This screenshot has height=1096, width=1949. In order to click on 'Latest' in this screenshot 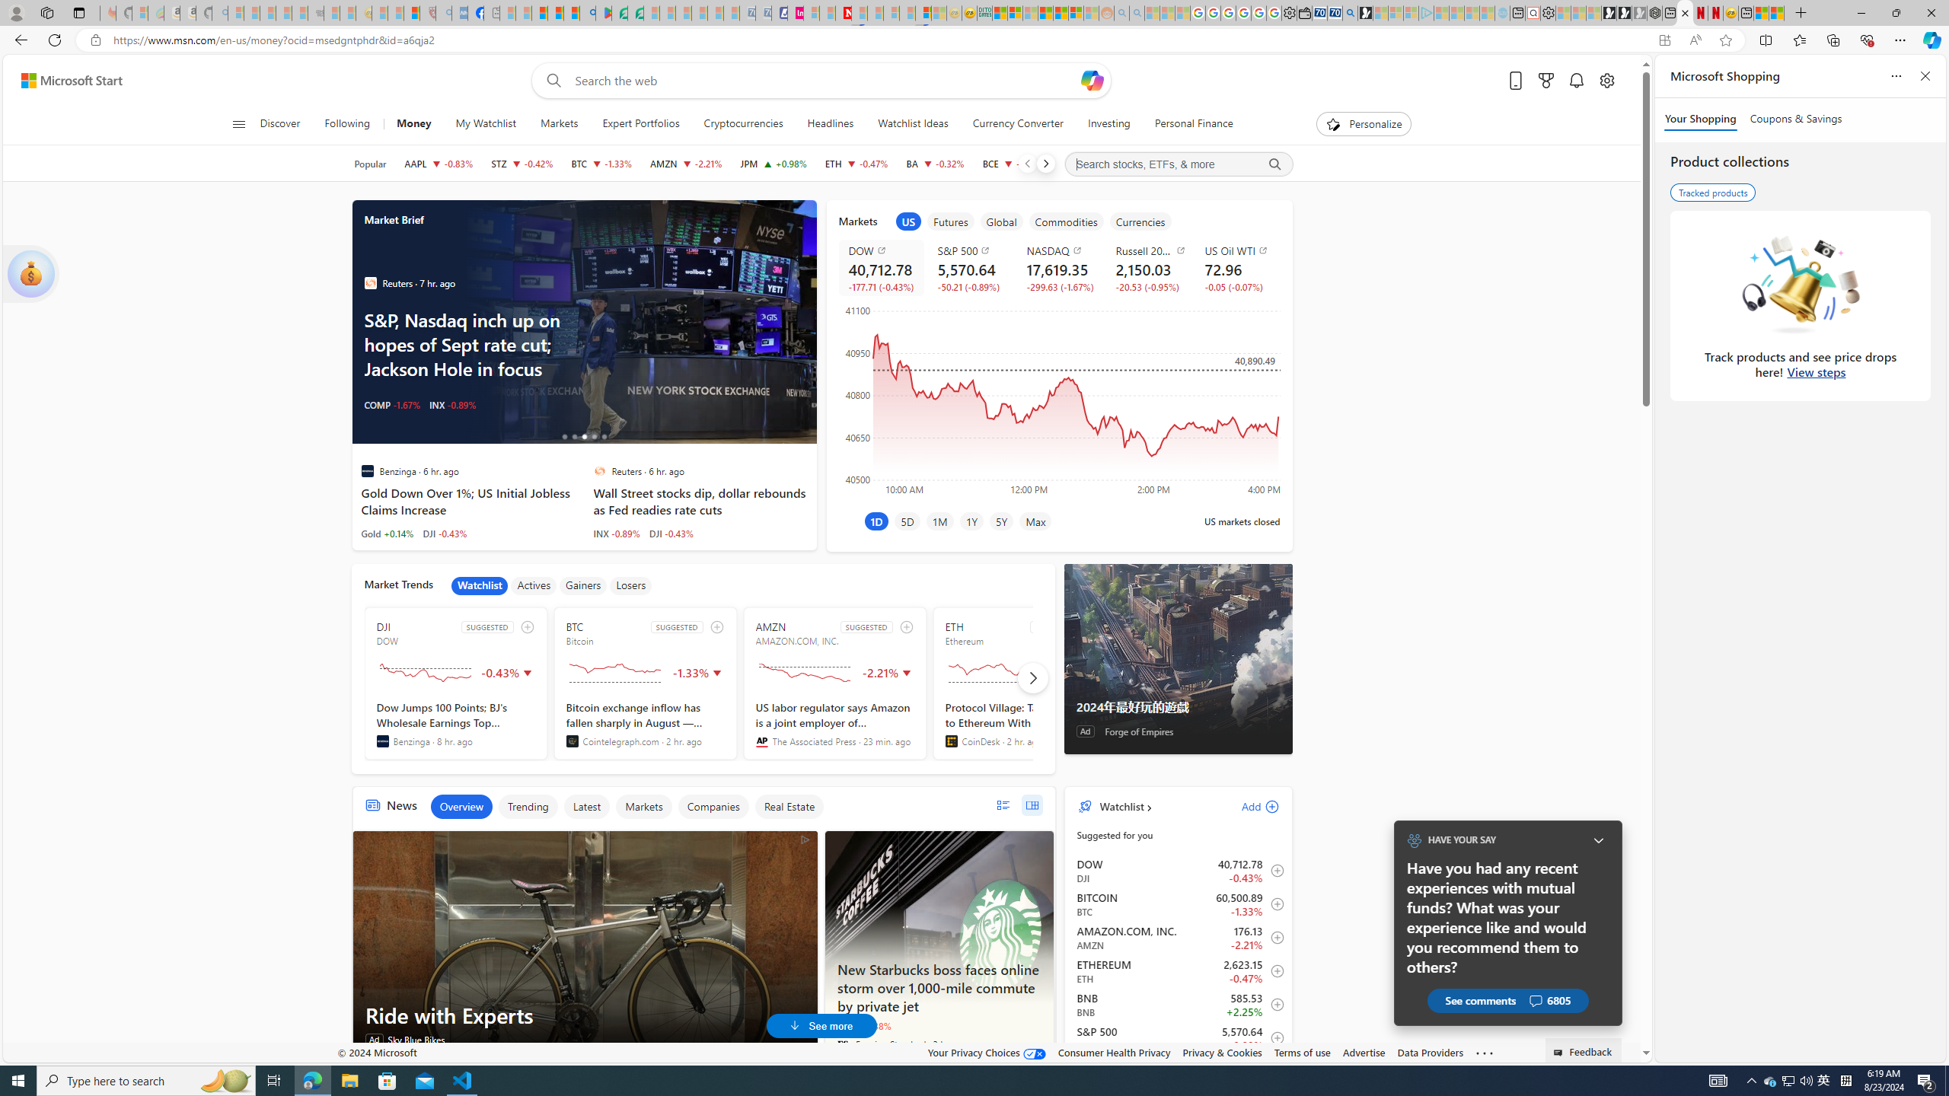, I will do `click(586, 805)`.